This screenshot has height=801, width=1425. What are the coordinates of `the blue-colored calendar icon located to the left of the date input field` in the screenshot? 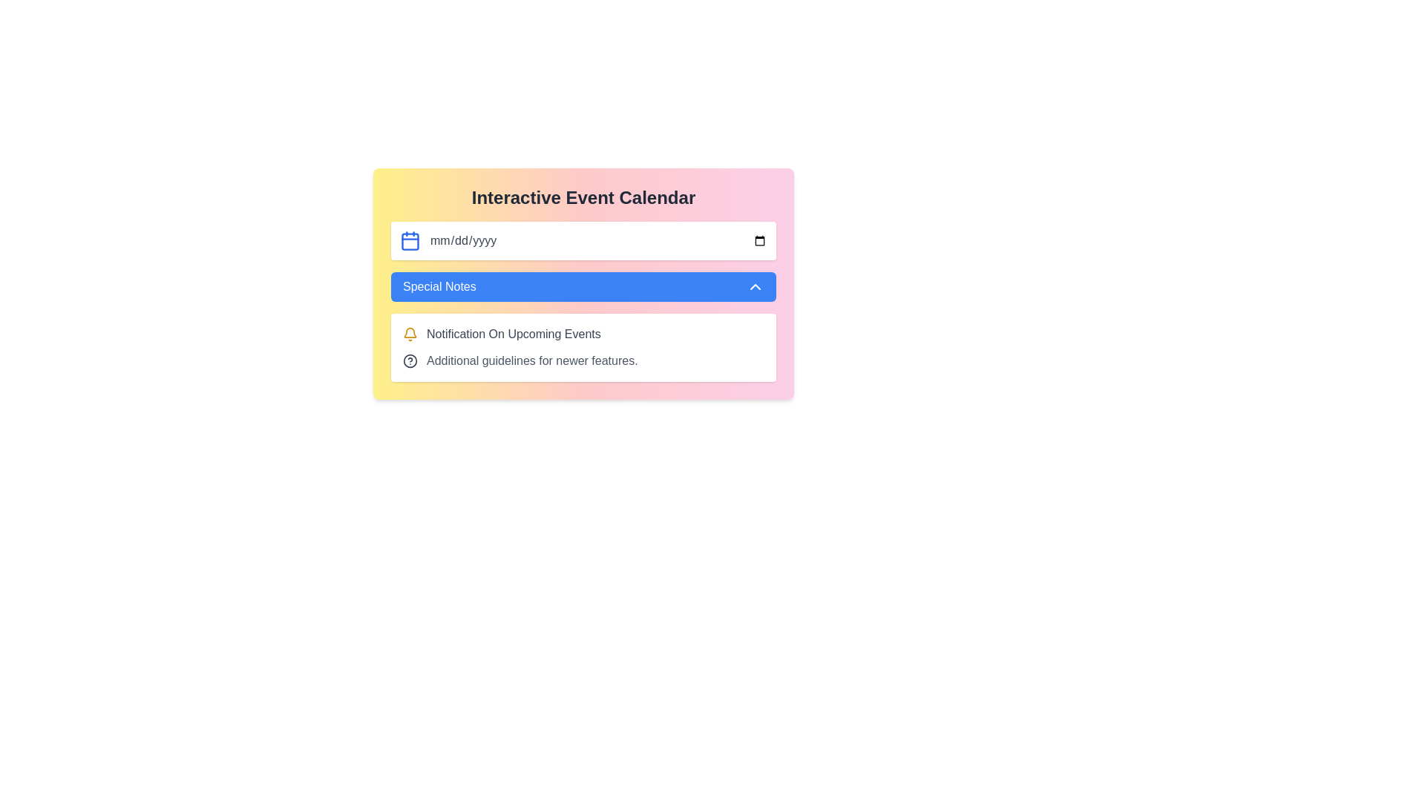 It's located at (410, 240).